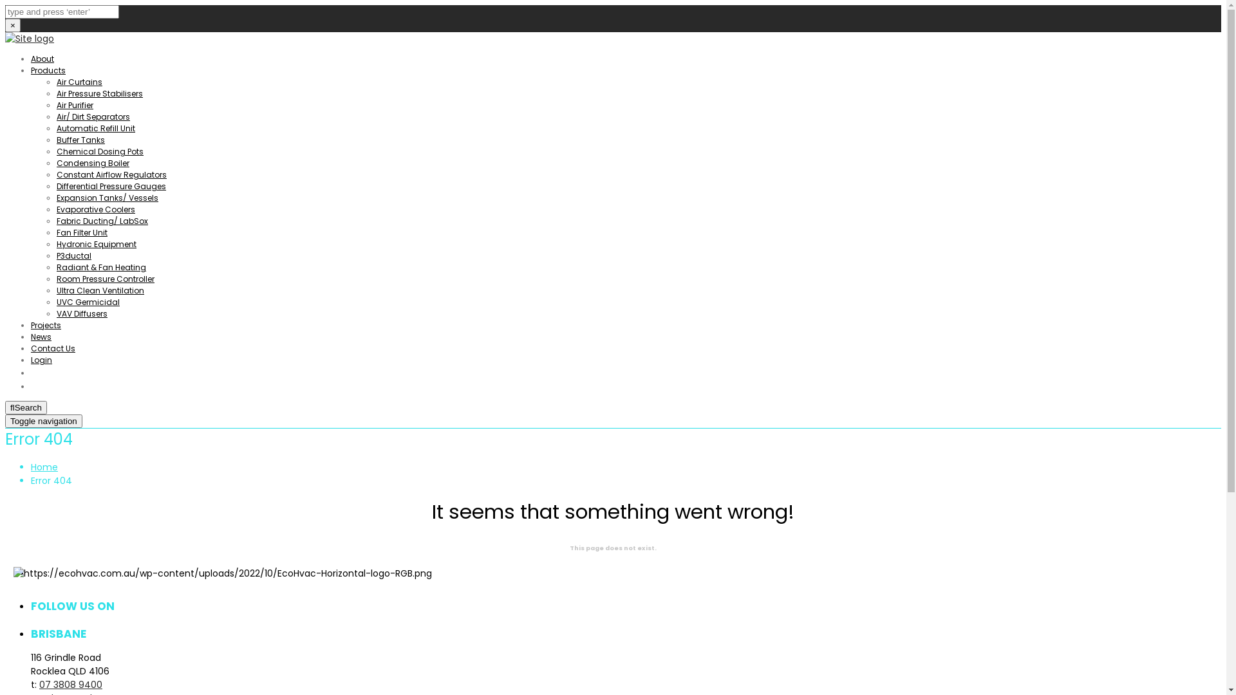 The height and width of the screenshot is (695, 1236). Describe the element at coordinates (39, 684) in the screenshot. I see `'07 3808 9400'` at that location.